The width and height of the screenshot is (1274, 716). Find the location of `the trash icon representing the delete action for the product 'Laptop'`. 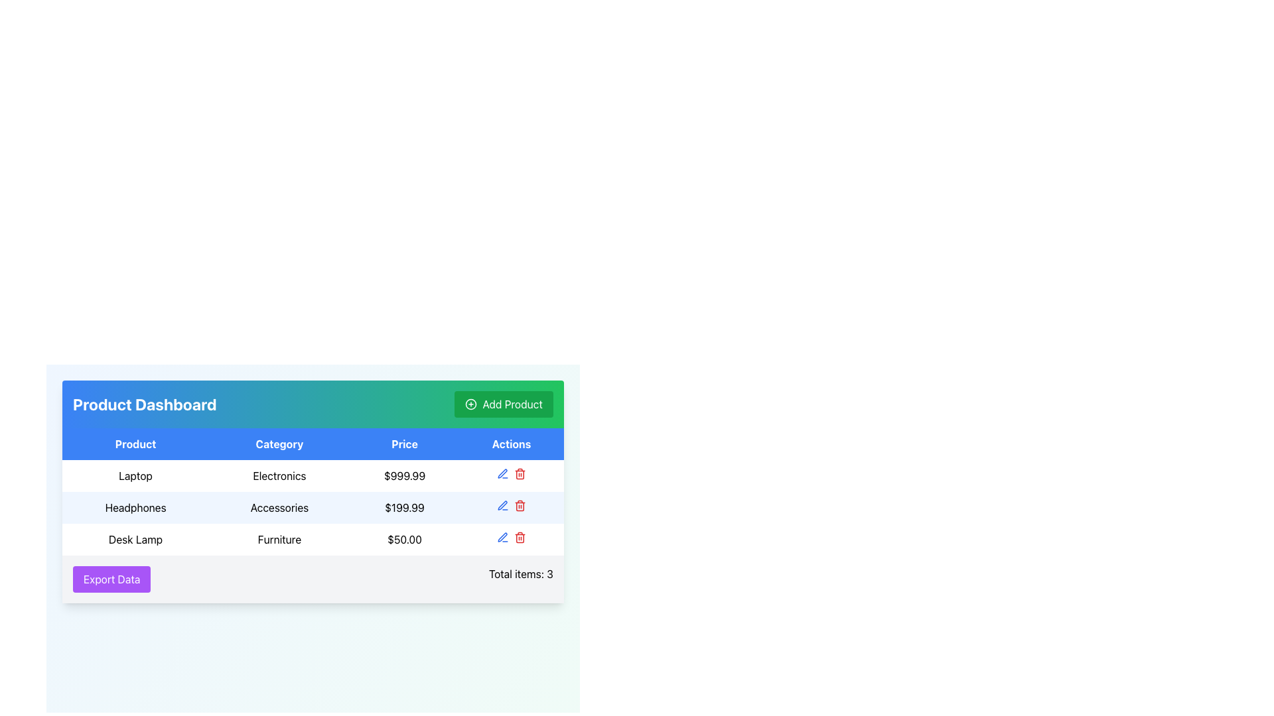

the trash icon representing the delete action for the product 'Laptop' is located at coordinates (520, 538).